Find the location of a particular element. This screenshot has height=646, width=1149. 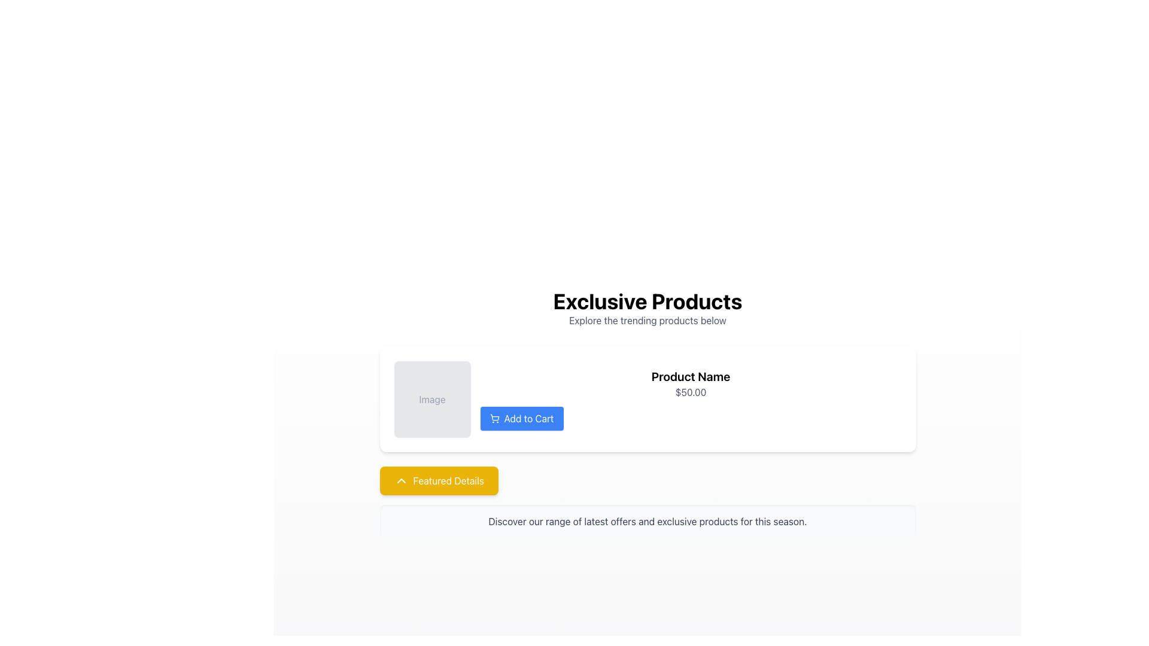

the 'Add to Cart' button located in the product details section, below 'Product Name' and '$50.00' is located at coordinates (522, 418).